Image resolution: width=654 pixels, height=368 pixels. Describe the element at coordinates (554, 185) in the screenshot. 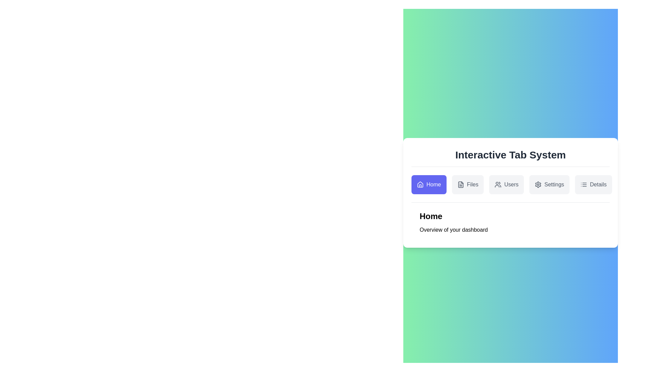

I see `the 'Settings' text label in the navigation bar` at that location.